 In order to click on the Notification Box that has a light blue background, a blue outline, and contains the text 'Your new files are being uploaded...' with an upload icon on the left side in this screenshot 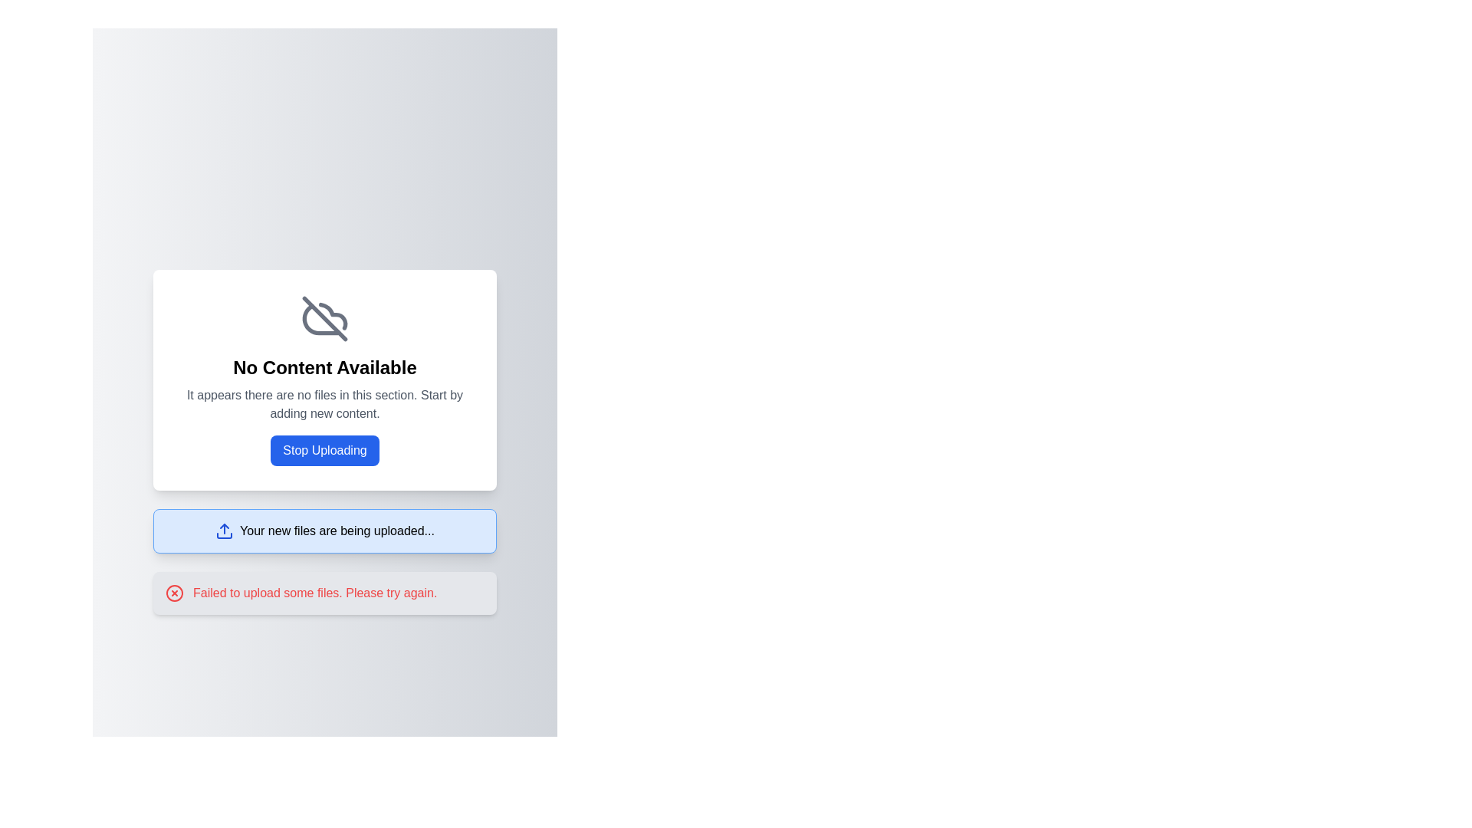, I will do `click(324, 529)`.